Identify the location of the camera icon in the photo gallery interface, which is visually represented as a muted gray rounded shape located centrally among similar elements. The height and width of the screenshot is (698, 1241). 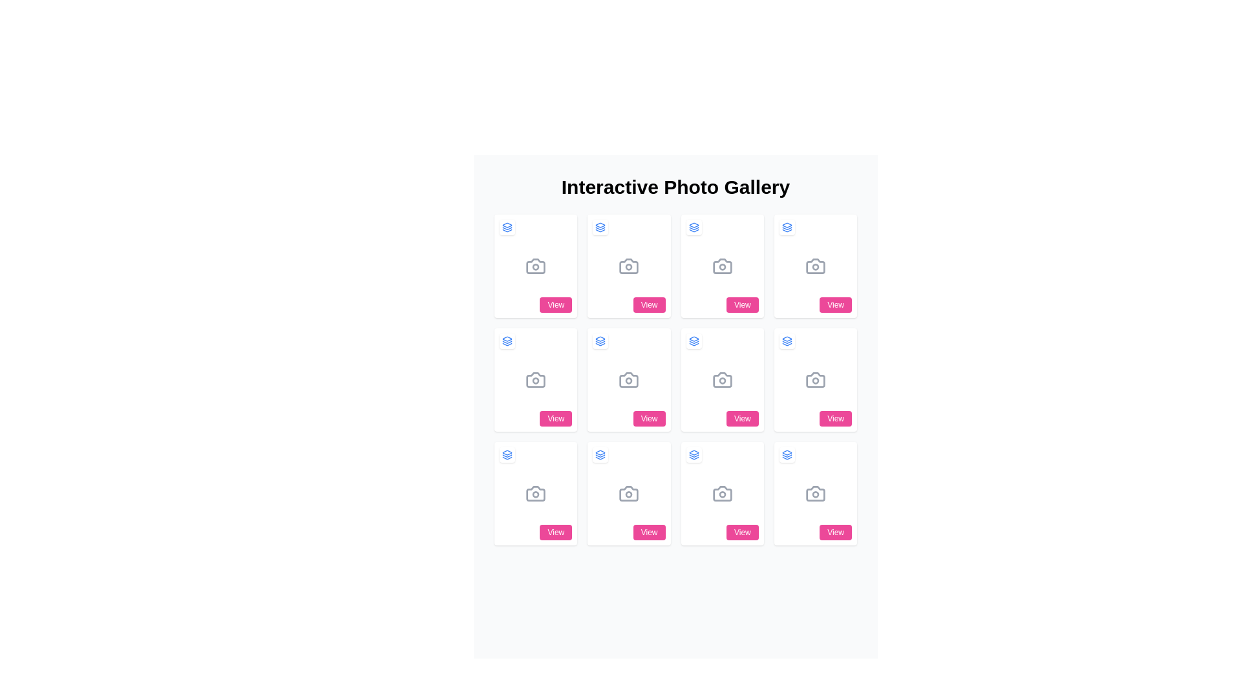
(629, 266).